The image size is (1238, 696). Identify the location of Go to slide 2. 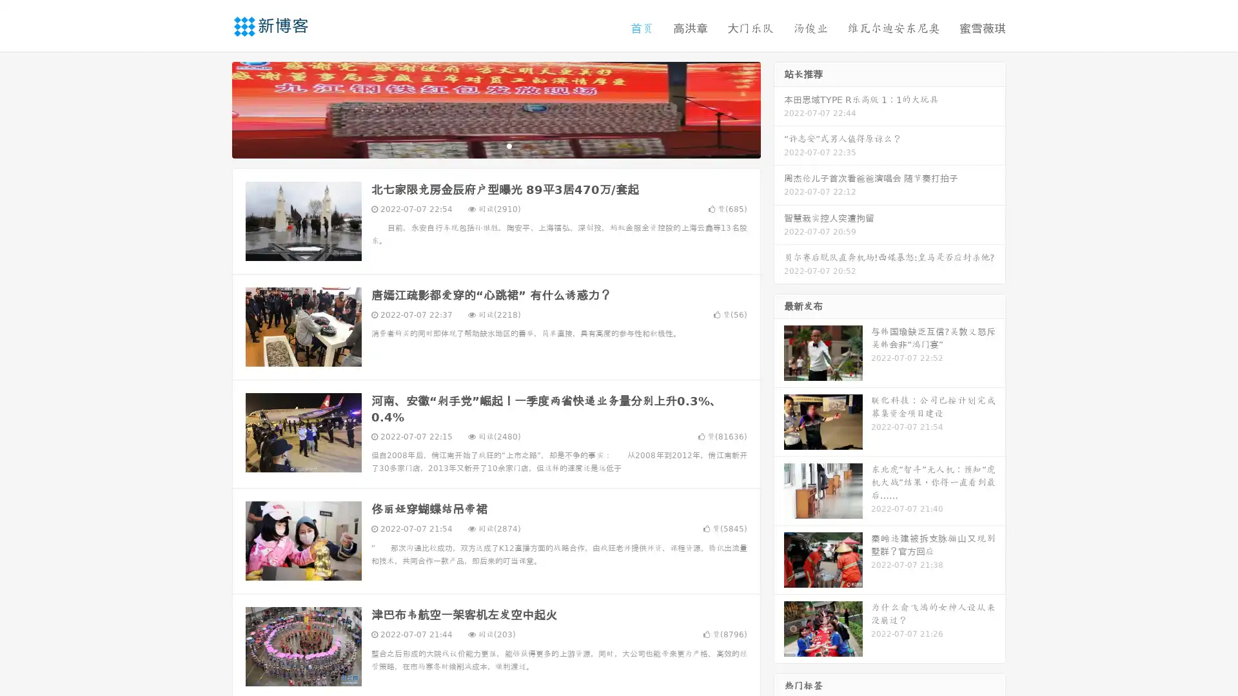
(495, 145).